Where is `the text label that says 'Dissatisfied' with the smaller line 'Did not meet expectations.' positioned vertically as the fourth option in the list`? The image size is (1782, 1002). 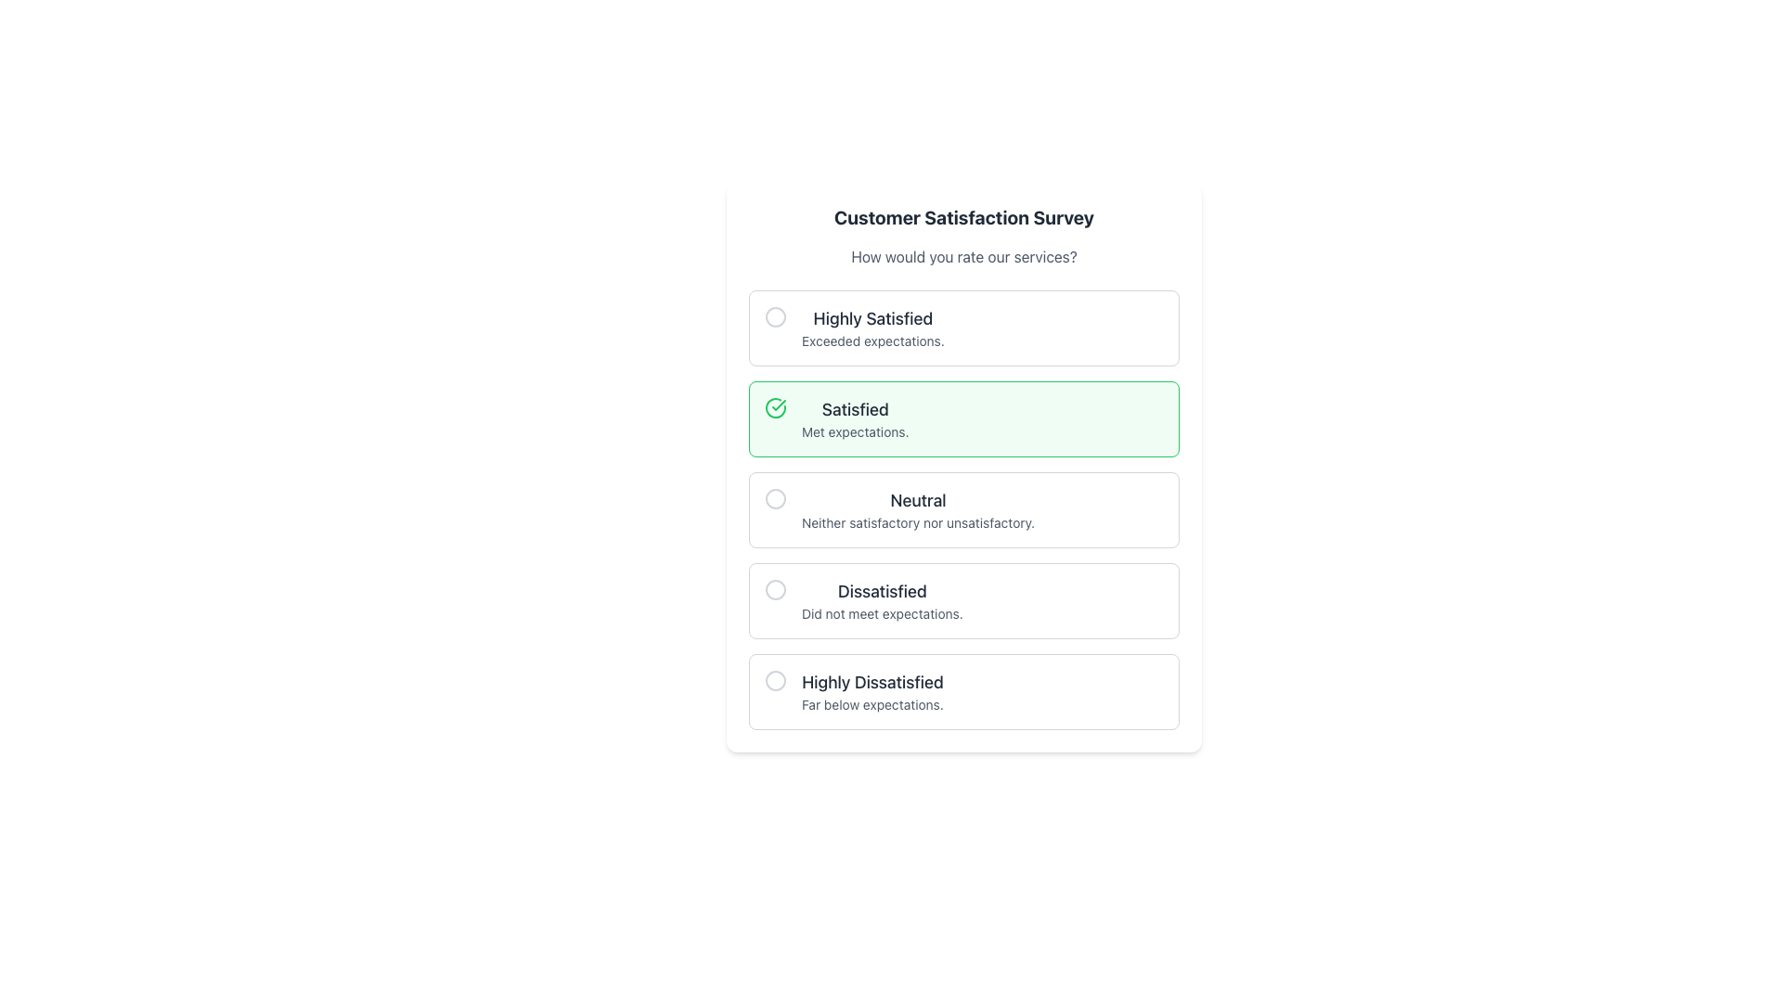 the text label that says 'Dissatisfied' with the smaller line 'Did not meet expectations.' positioned vertically as the fourth option in the list is located at coordinates (881, 601).